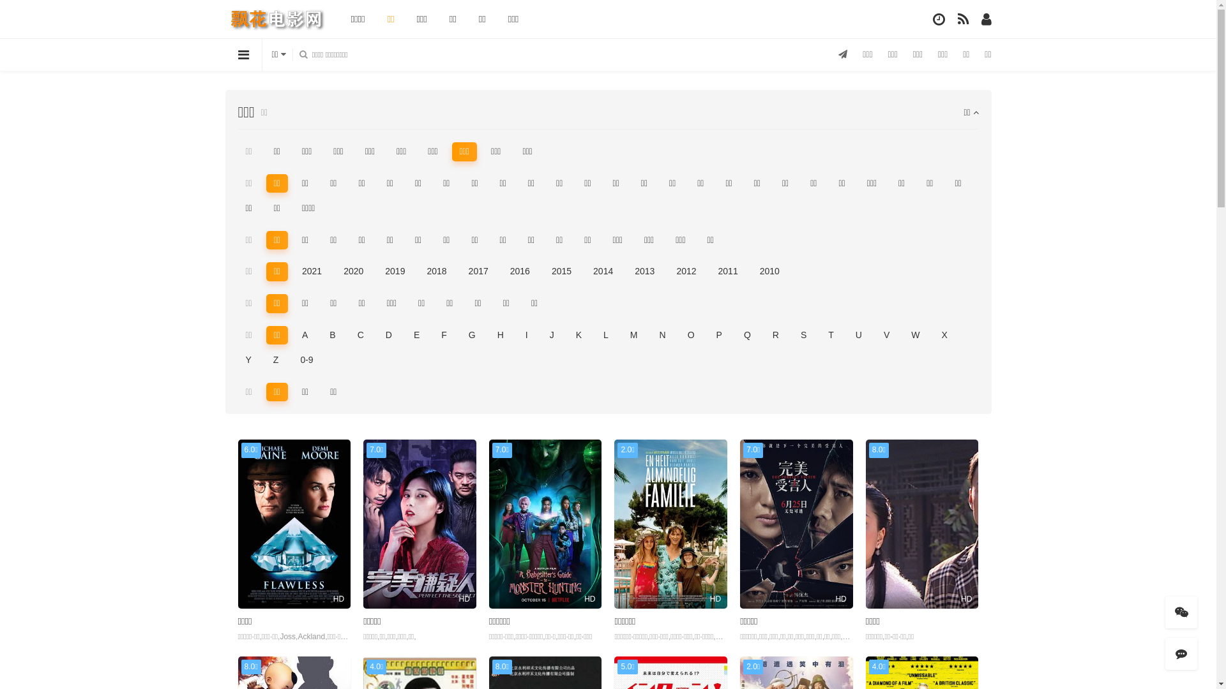  Describe the element at coordinates (567, 334) in the screenshot. I see `'K'` at that location.